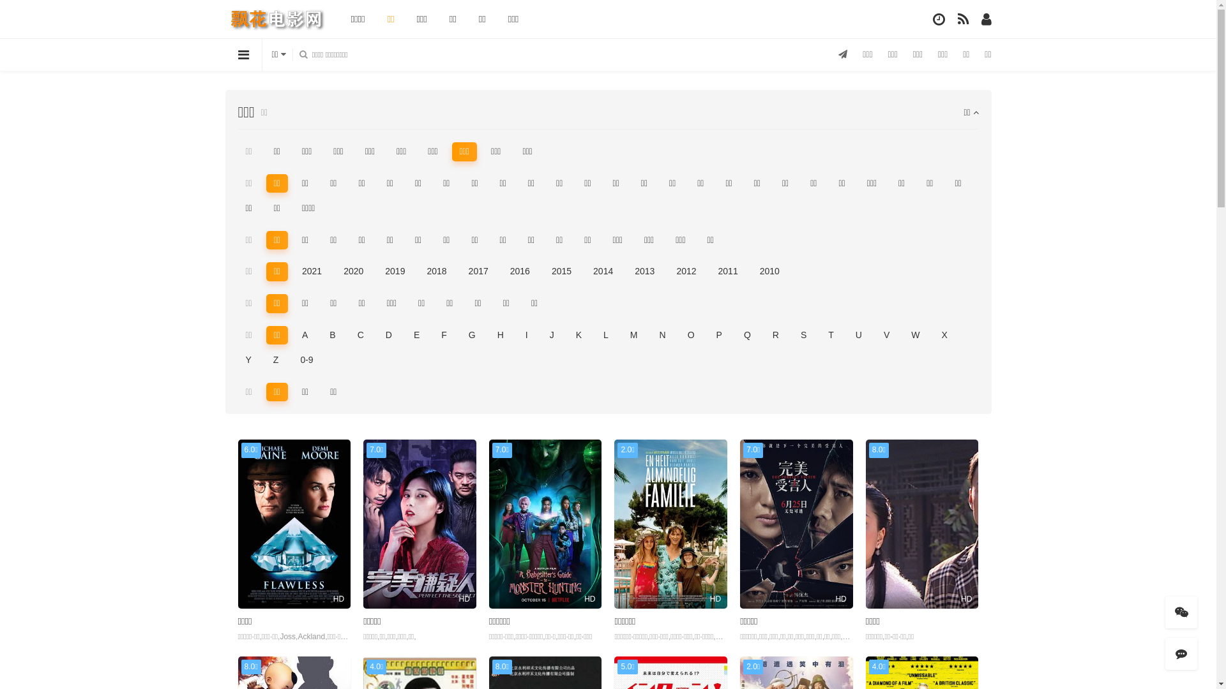  Describe the element at coordinates (567, 334) in the screenshot. I see `'K'` at that location.